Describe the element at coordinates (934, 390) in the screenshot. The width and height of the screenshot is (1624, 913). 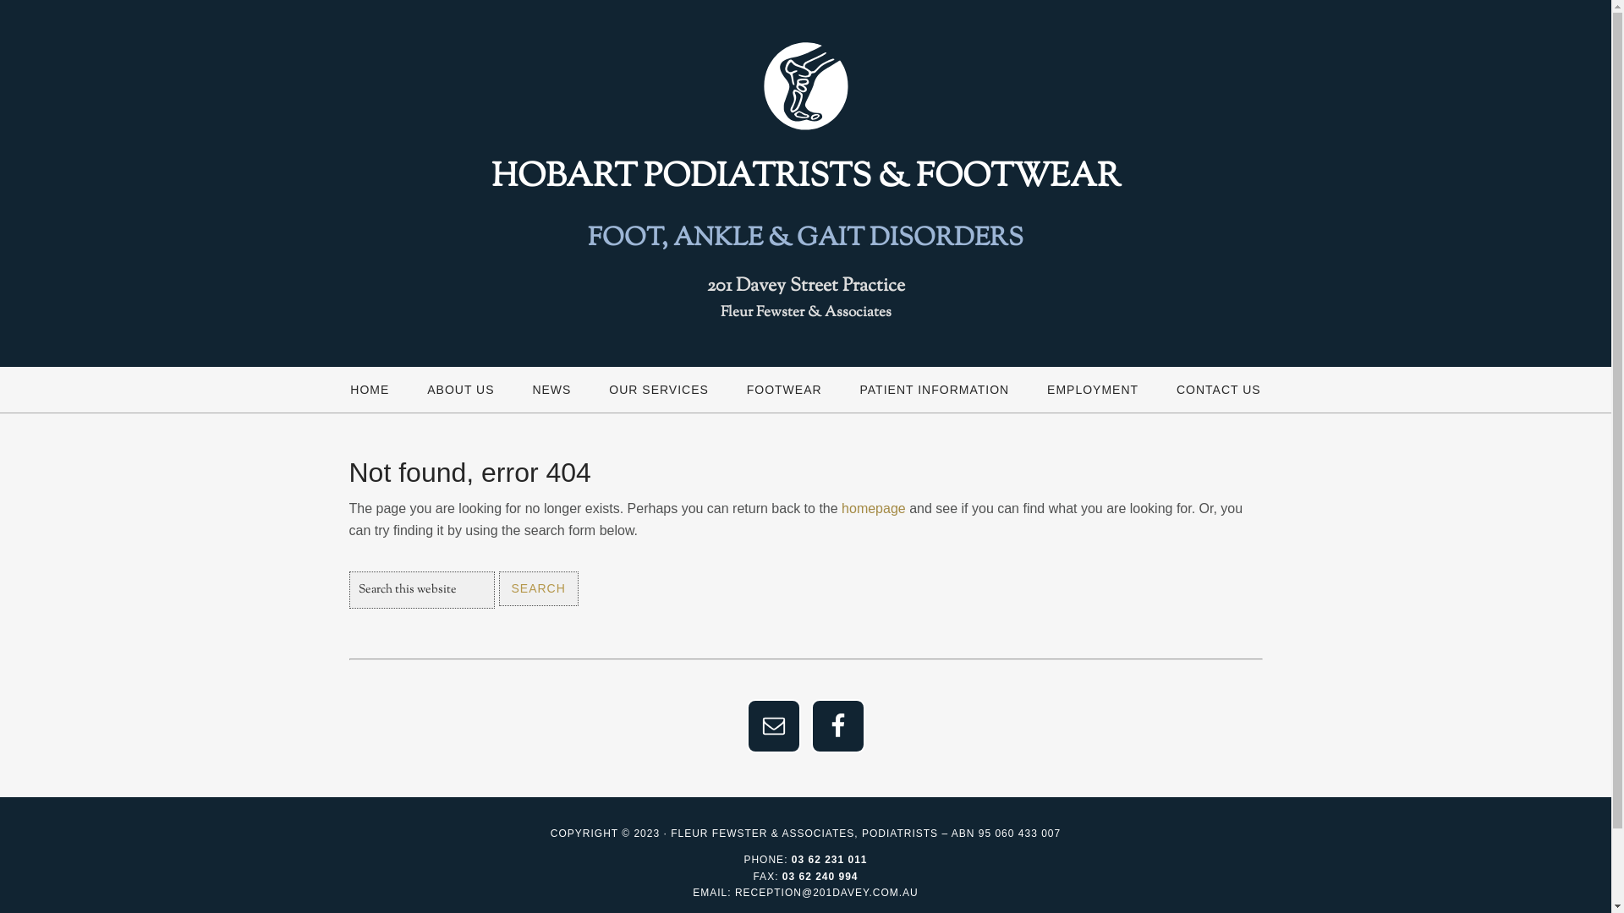
I see `'PATIENT INFORMATION'` at that location.